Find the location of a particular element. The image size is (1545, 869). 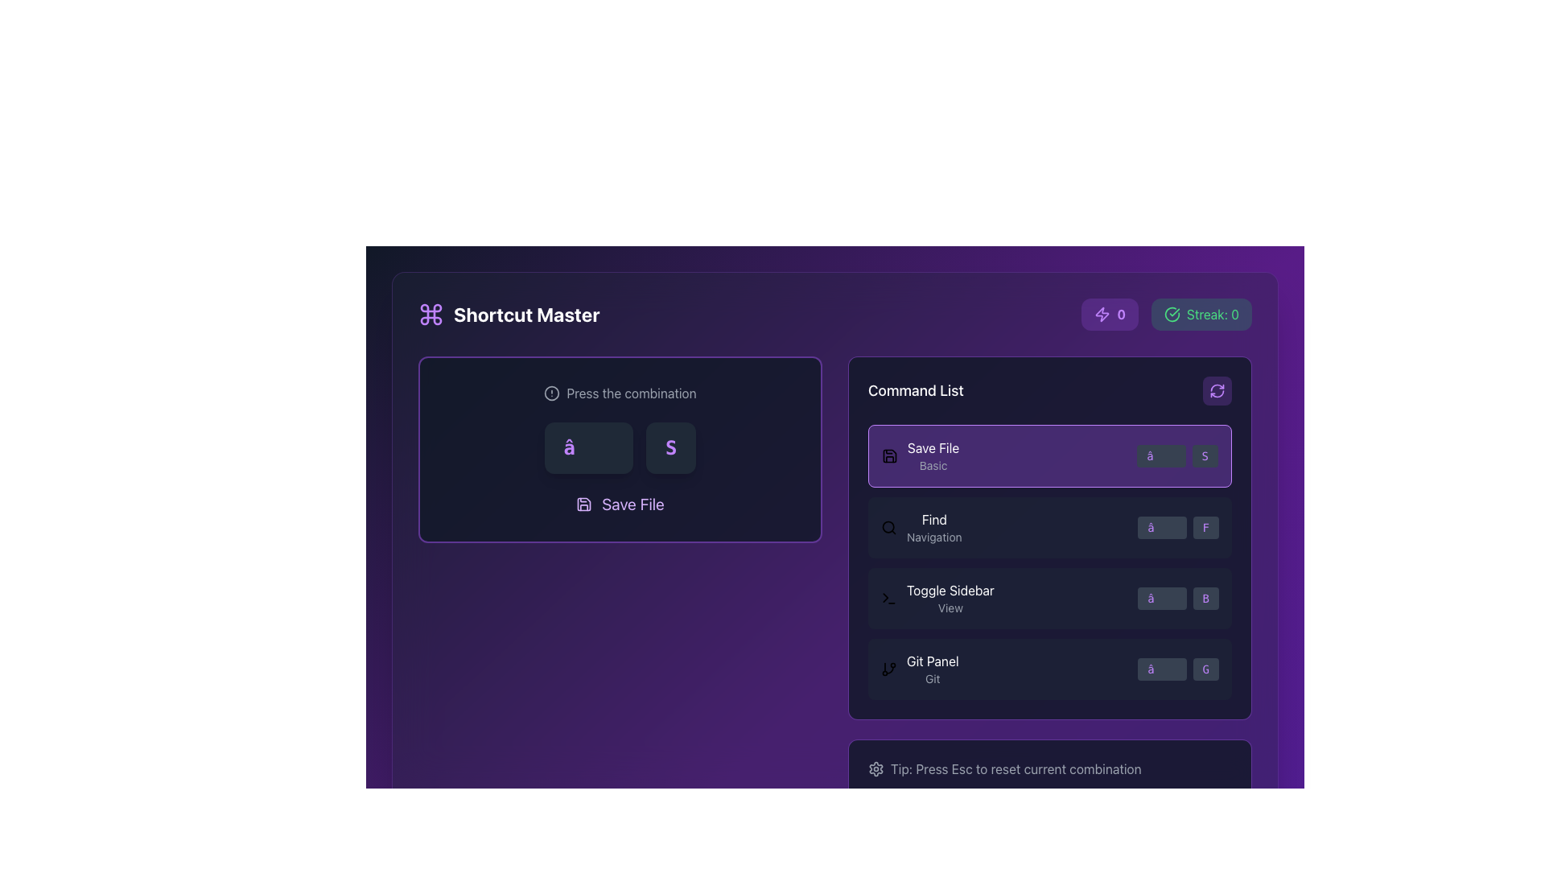

the text label that provides a description for the 'Git Panel' command, located in the bottom-left area of the command list component, underneath the 'Git Panel' label is located at coordinates (933, 679).